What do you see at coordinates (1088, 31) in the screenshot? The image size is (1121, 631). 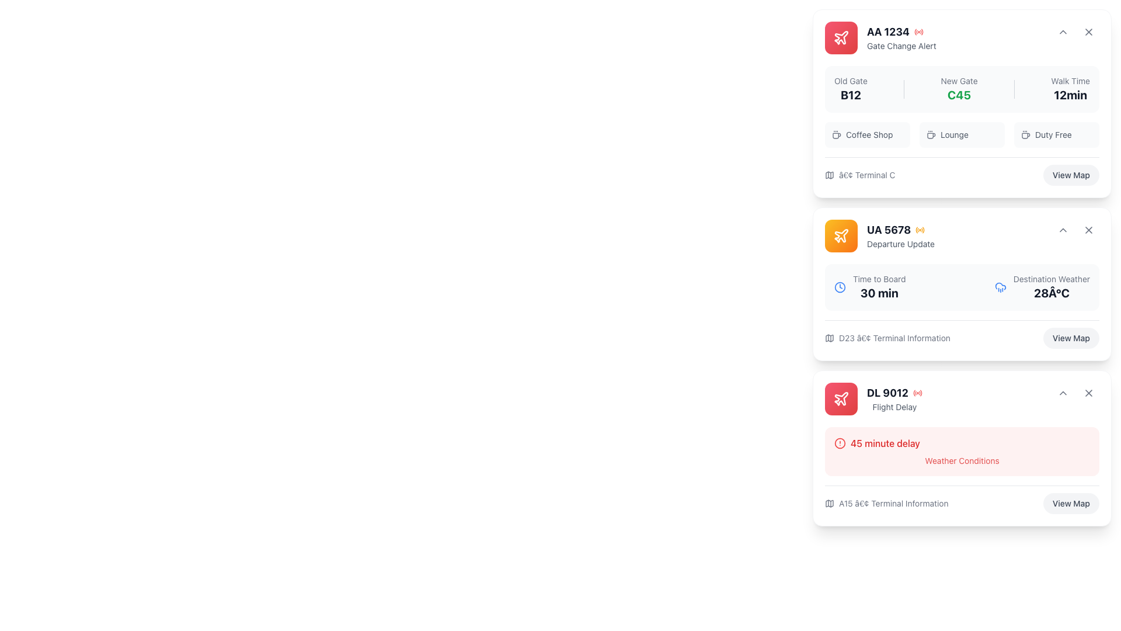 I see `the close button icon located at the top-right corner of the card labeled 'AA 1234'` at bounding box center [1088, 31].